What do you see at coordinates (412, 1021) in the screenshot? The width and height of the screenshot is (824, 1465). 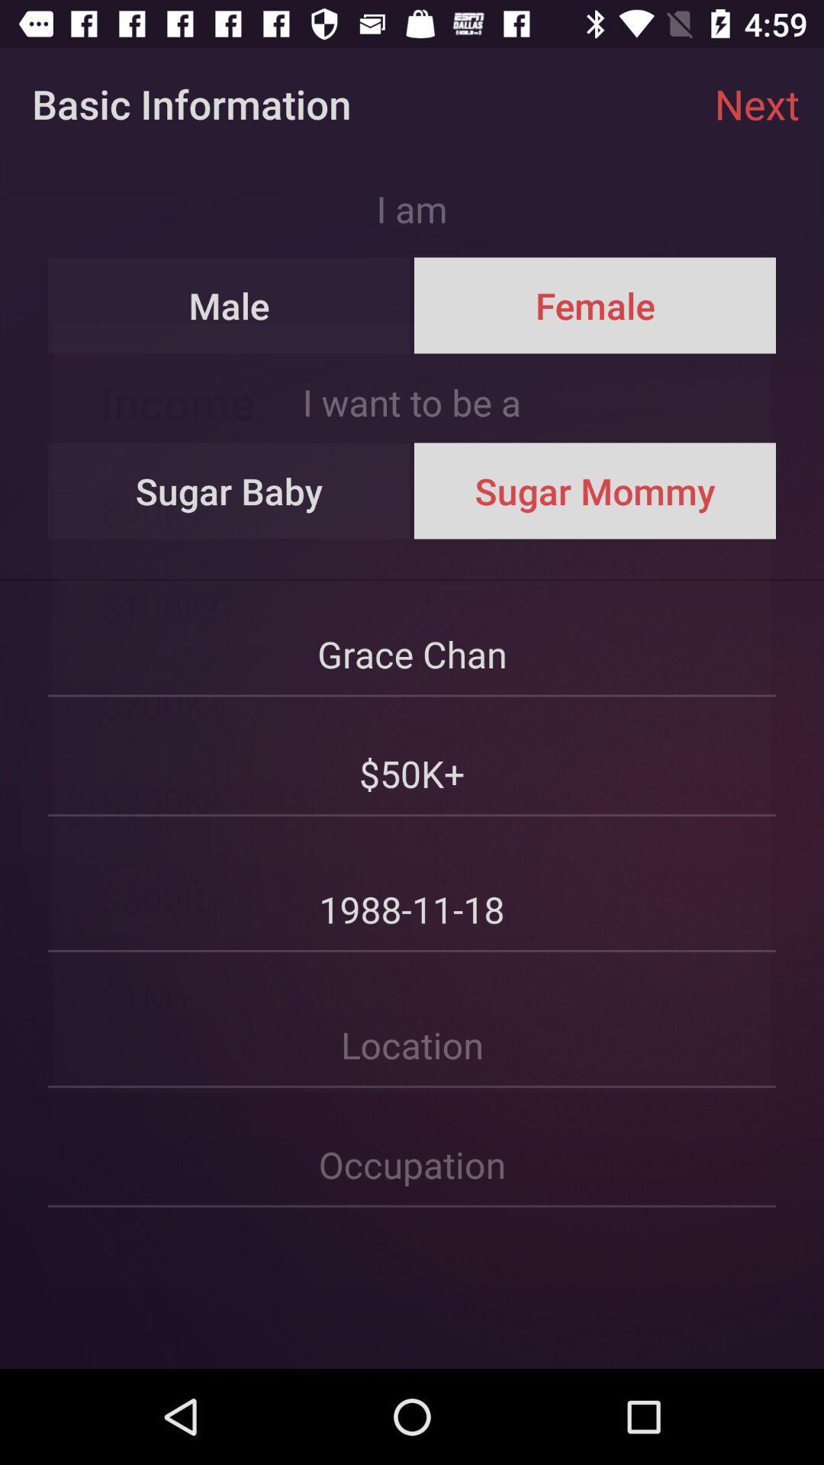 I see `input your location` at bounding box center [412, 1021].